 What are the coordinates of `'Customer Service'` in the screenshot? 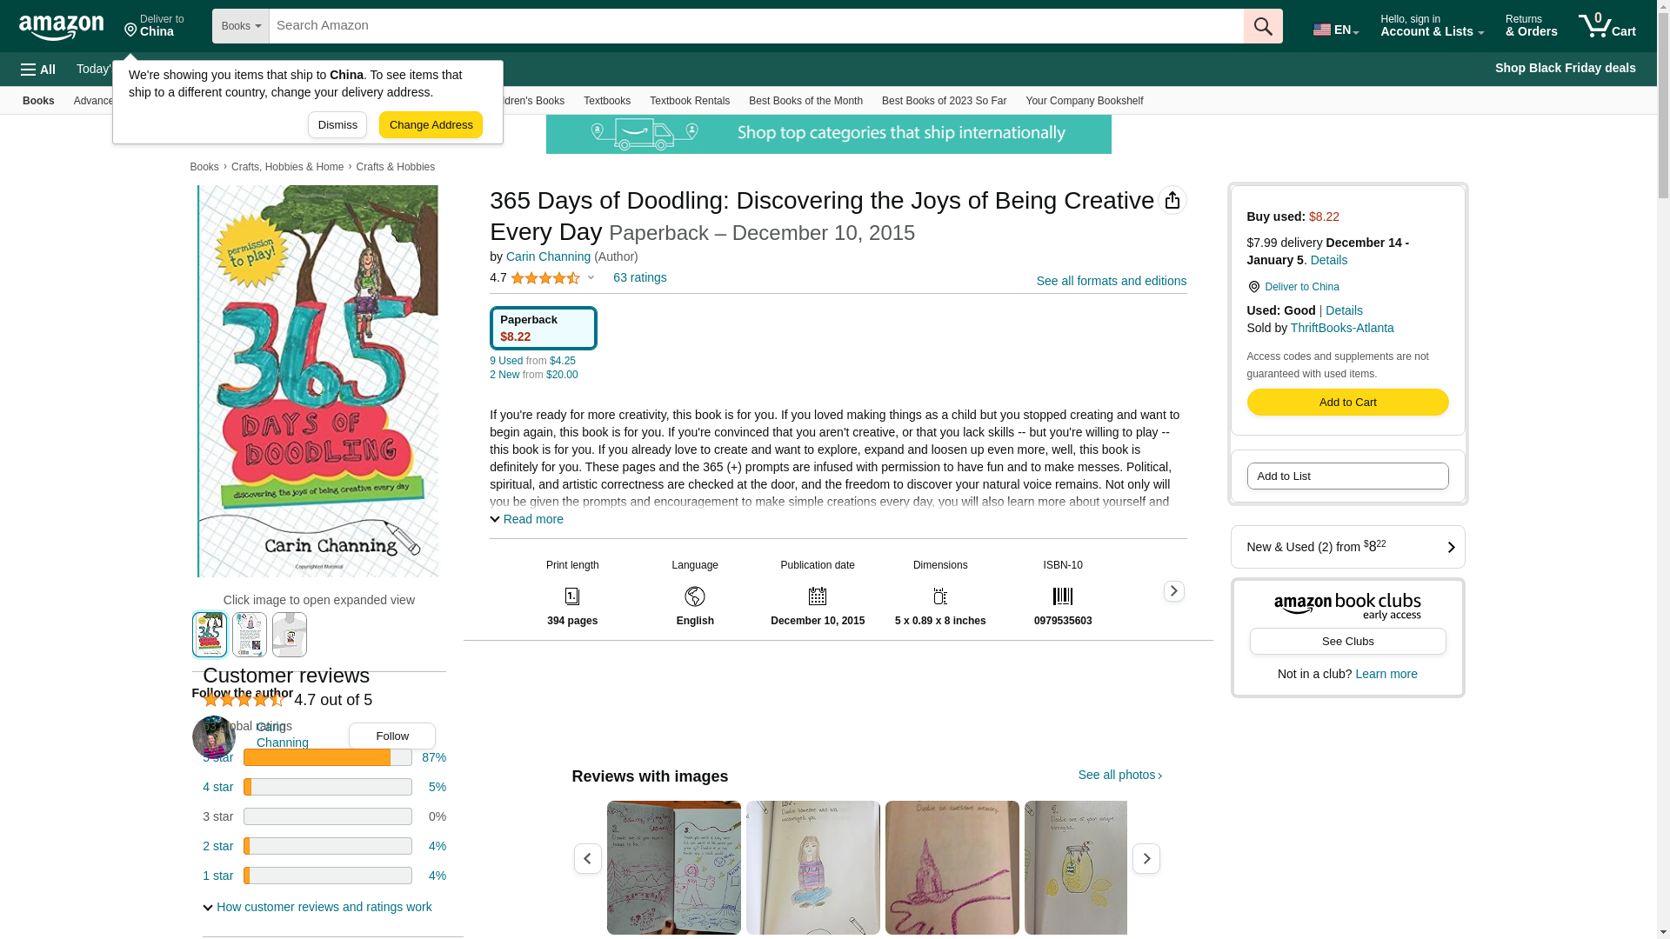 It's located at (286, 67).